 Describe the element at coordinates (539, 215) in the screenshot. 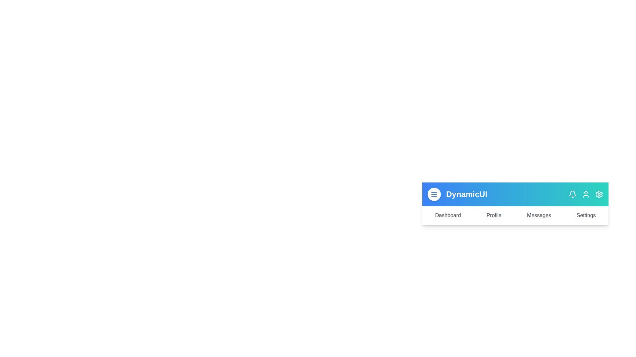

I see `the 'Messages' menu item in the navigation bar` at that location.